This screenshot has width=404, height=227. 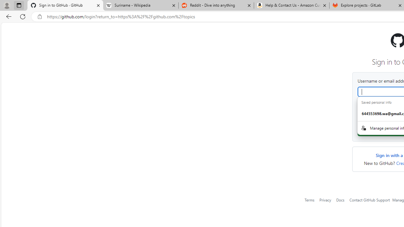 I want to click on 'Reddit - Dive into anything', so click(x=216, y=5).